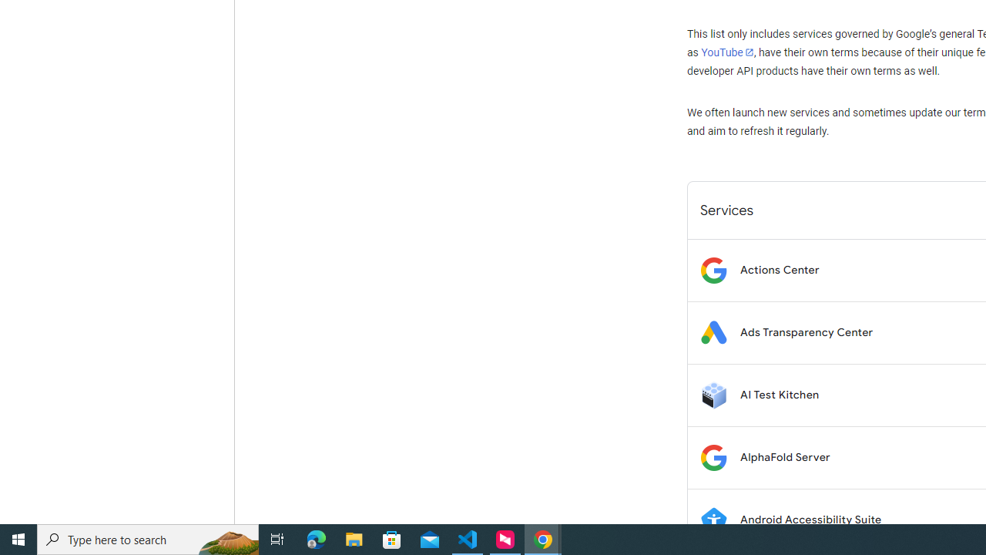  Describe the element at coordinates (713, 456) in the screenshot. I see `'Logo for AlphaFold Server'` at that location.